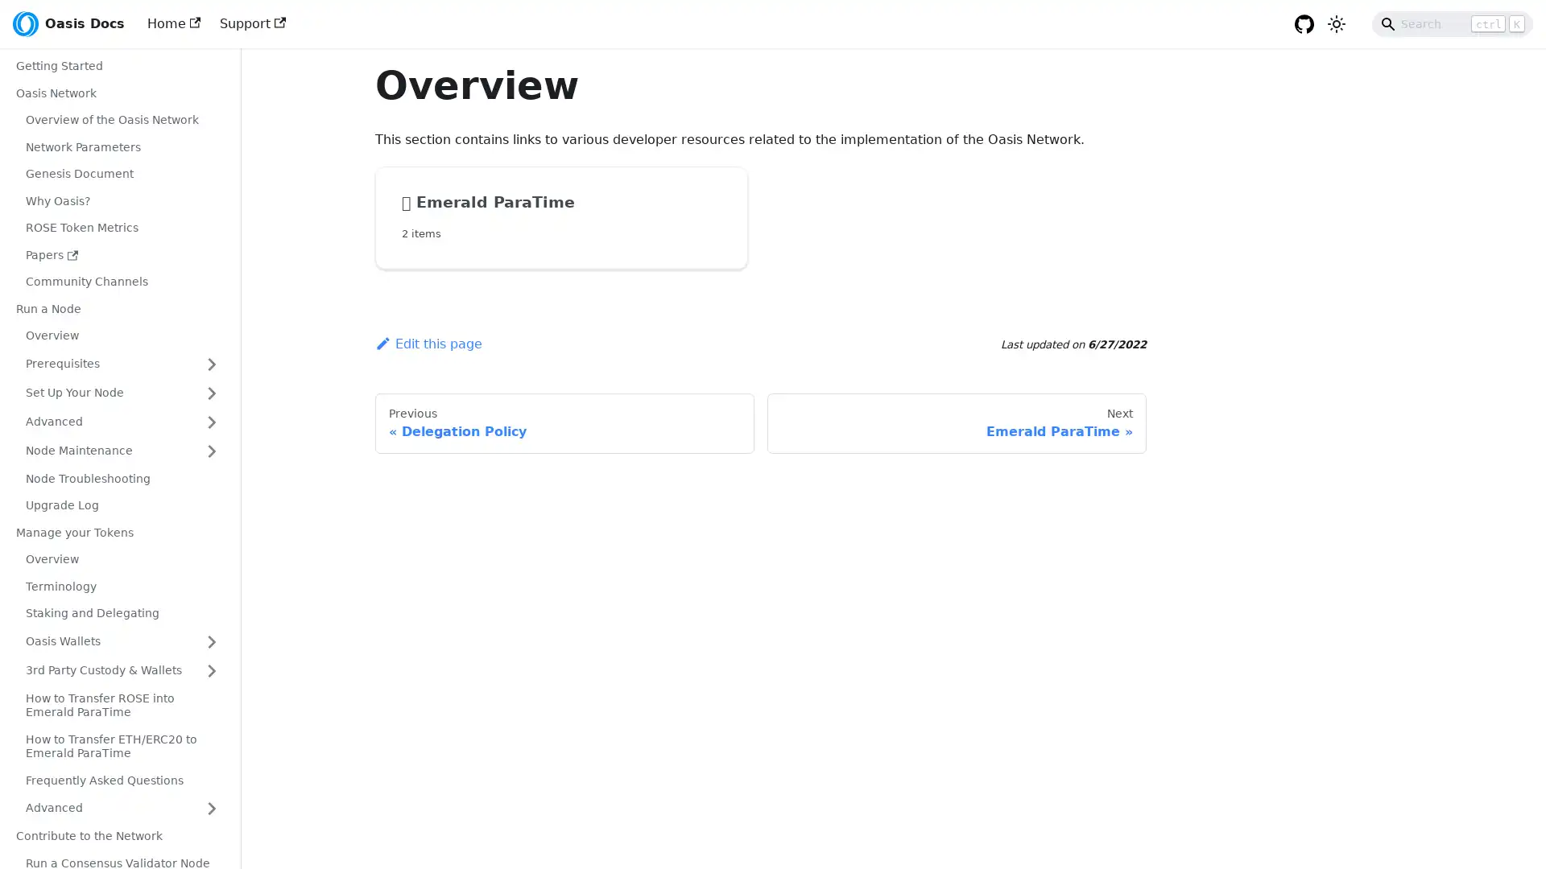 This screenshot has width=1546, height=869. What do you see at coordinates (211, 670) in the screenshot?
I see `Toggle the collapsible sidebar category '3rd Party Custody & Wallets'` at bounding box center [211, 670].